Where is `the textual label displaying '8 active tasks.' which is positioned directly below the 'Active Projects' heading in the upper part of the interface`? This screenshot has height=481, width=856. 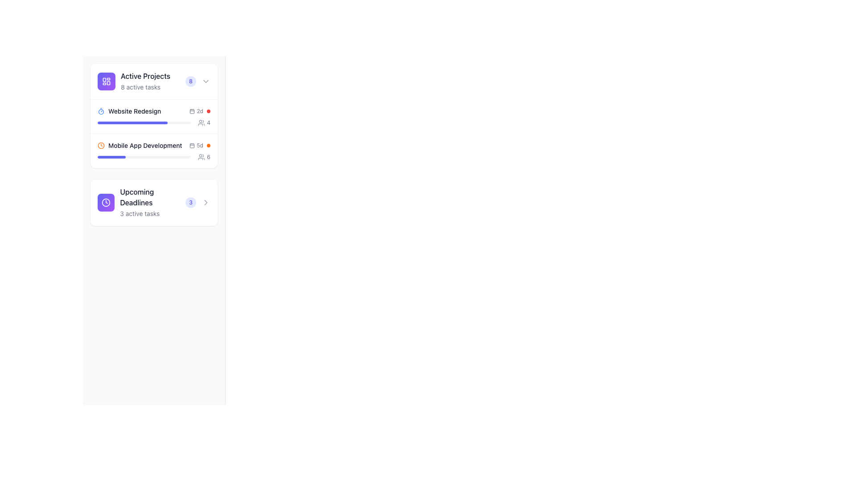 the textual label displaying '8 active tasks.' which is positioned directly below the 'Active Projects' heading in the upper part of the interface is located at coordinates (140, 87).